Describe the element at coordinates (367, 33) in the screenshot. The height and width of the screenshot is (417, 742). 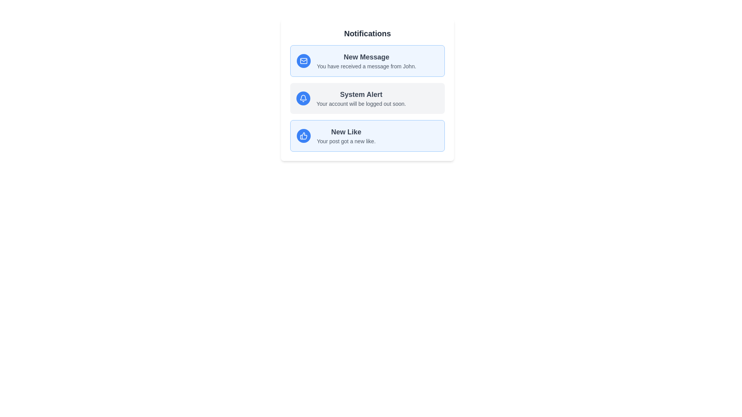
I see `the notification panel title to view its content` at that location.